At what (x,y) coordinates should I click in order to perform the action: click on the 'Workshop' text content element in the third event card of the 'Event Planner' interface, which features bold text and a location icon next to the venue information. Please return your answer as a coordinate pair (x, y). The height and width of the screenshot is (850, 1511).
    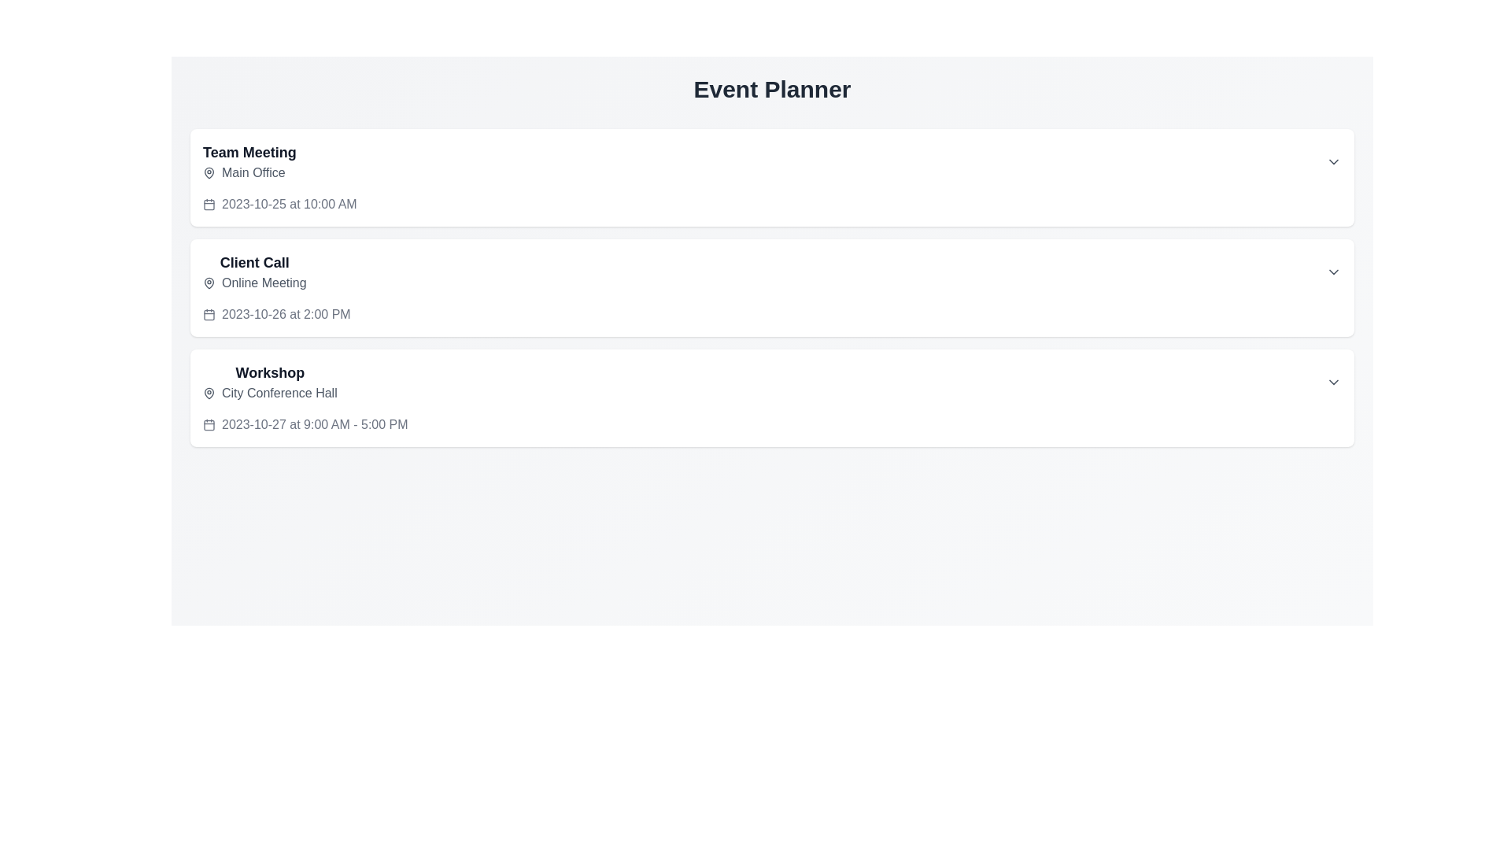
    Looking at the image, I should click on (270, 382).